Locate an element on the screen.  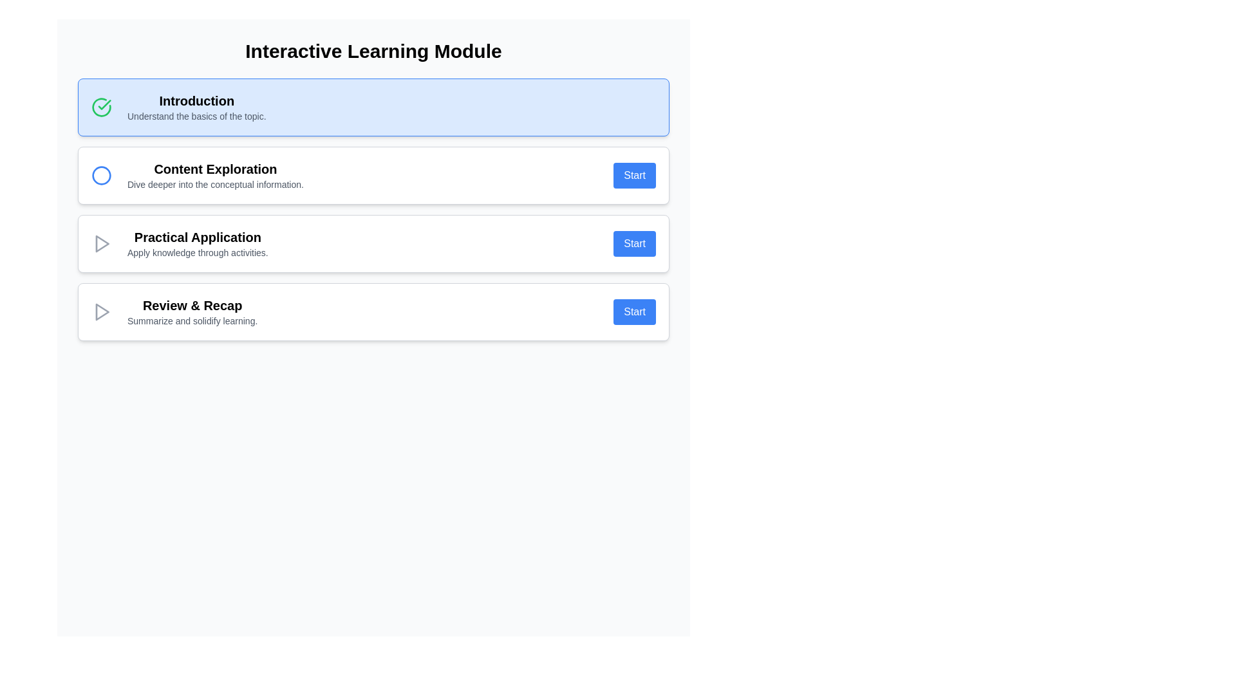
the circular SVG graphic icon with a blue-colored border located next to the 'Content Exploration' section is located at coordinates (101, 176).